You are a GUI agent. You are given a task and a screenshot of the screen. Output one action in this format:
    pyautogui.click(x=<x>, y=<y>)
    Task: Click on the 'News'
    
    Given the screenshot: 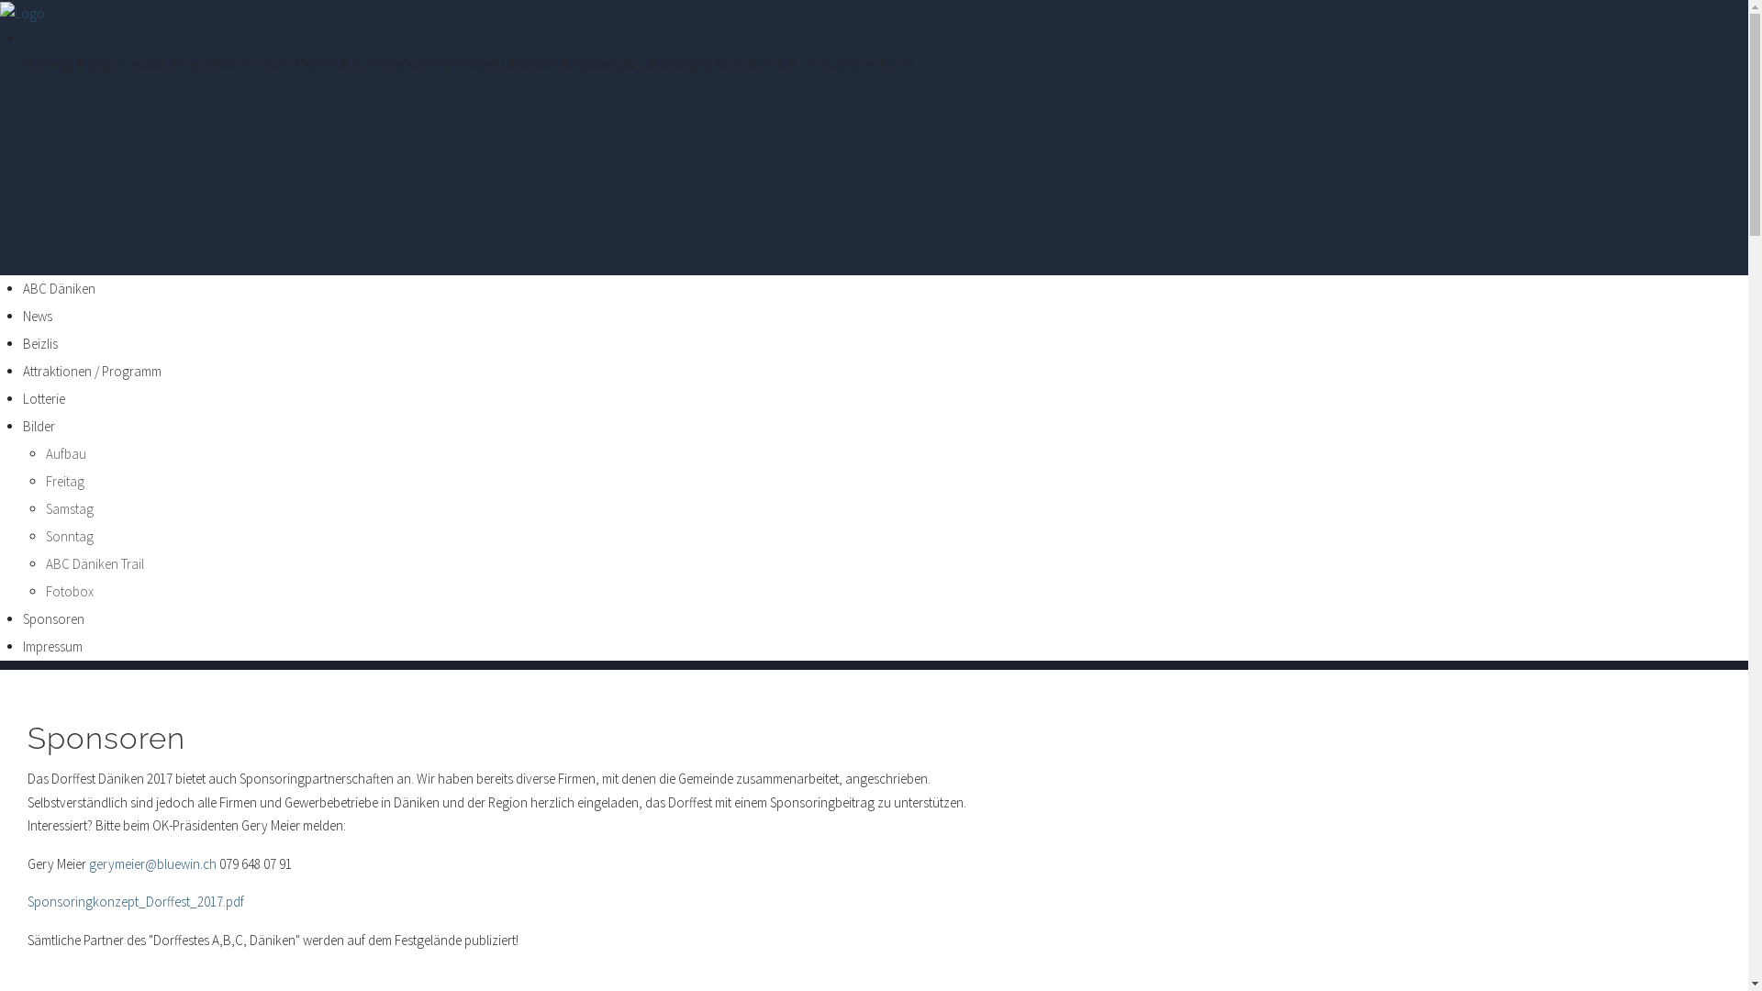 What is the action you would take?
    pyautogui.click(x=38, y=315)
    